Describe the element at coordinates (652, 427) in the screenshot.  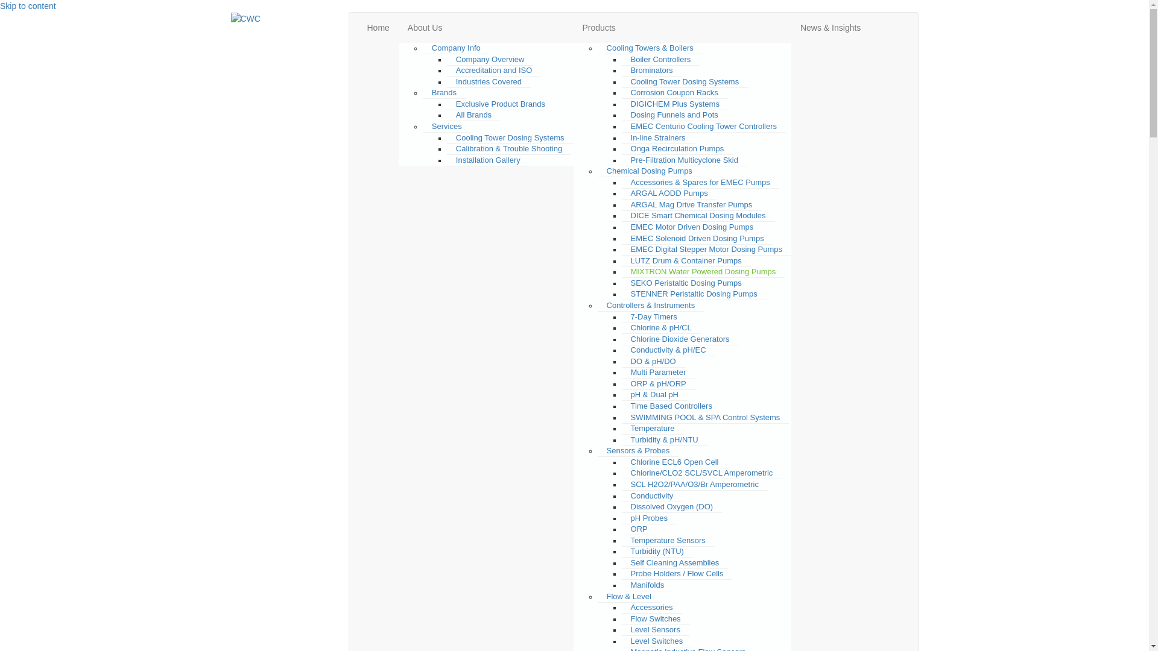
I see `'Temperature'` at that location.